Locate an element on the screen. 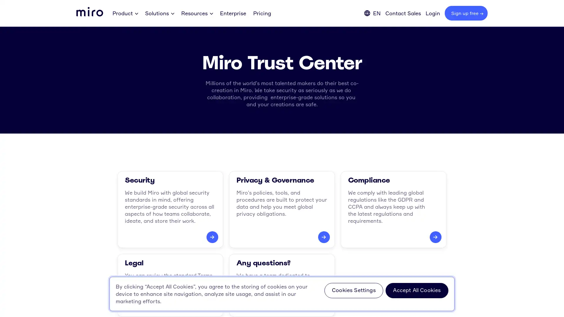 The image size is (564, 317). Cookies Settings is located at coordinates (353, 291).